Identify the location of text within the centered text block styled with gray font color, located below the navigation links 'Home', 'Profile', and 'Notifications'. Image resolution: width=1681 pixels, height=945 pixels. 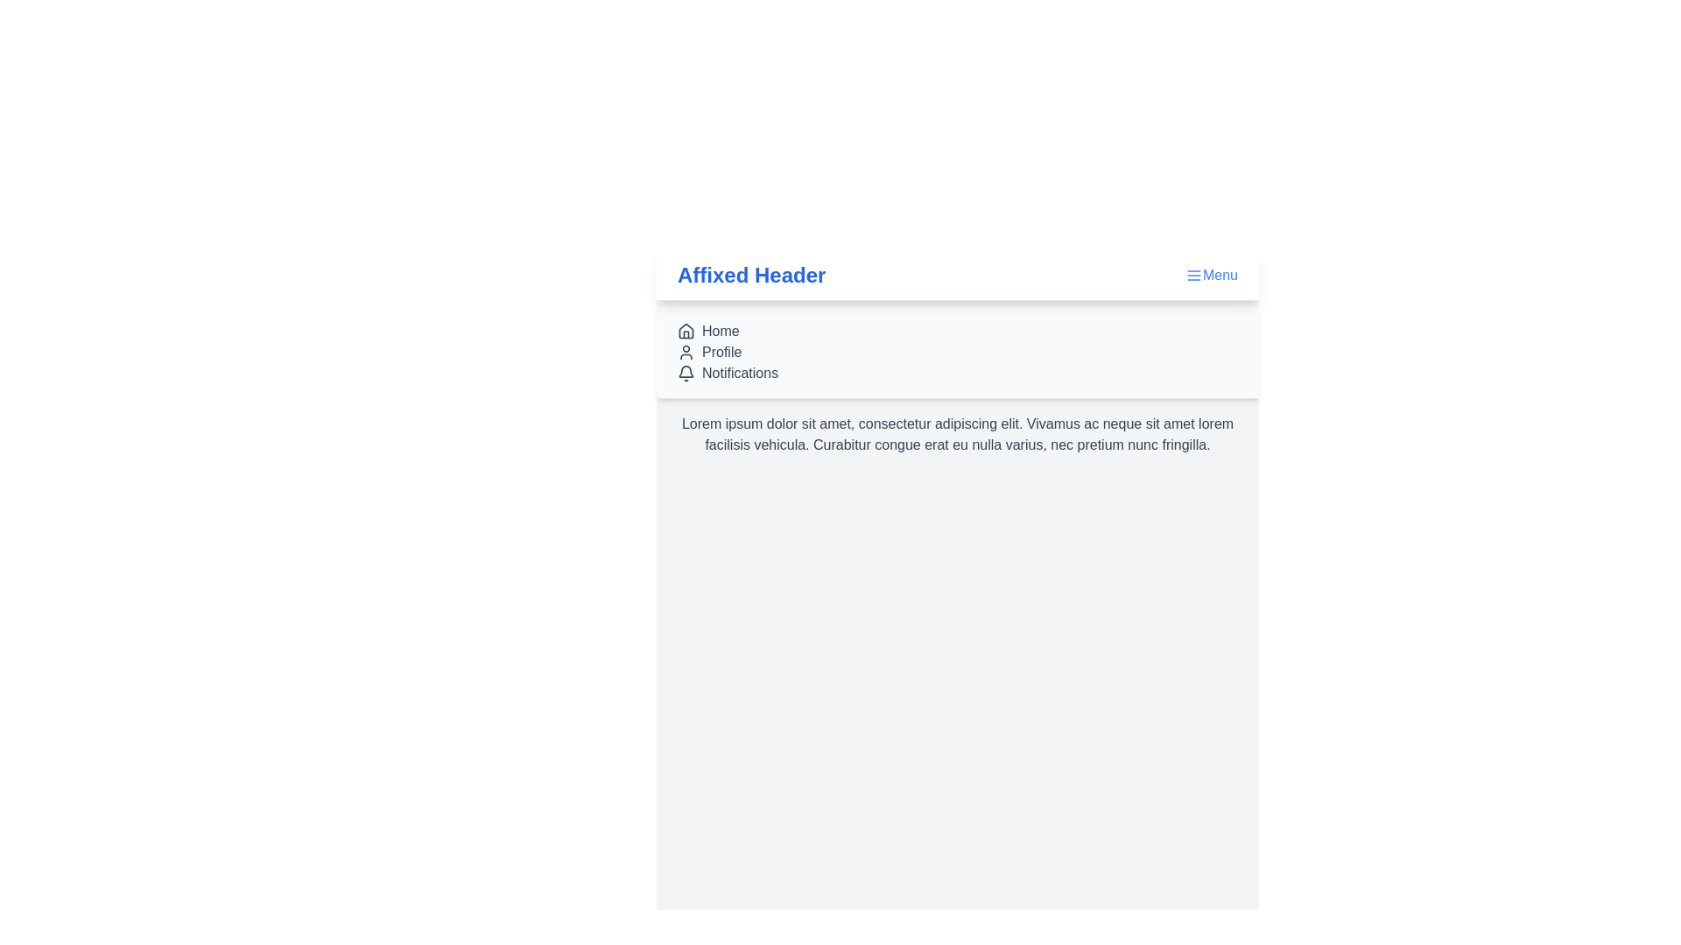
(957, 434).